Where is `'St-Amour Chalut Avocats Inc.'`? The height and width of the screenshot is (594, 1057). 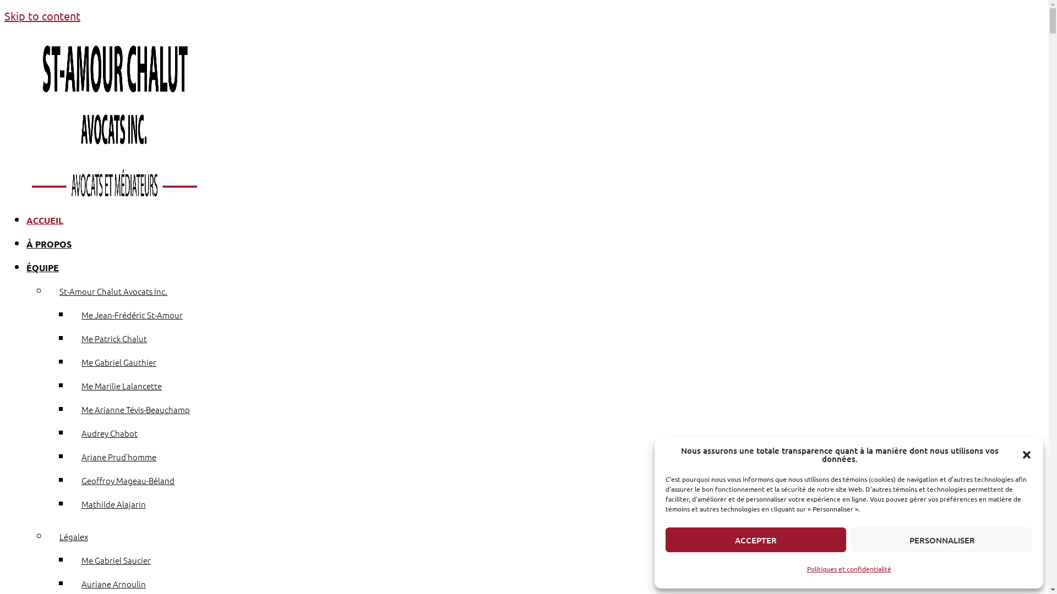
'St-Amour Chalut Avocats Inc.' is located at coordinates (47, 290).